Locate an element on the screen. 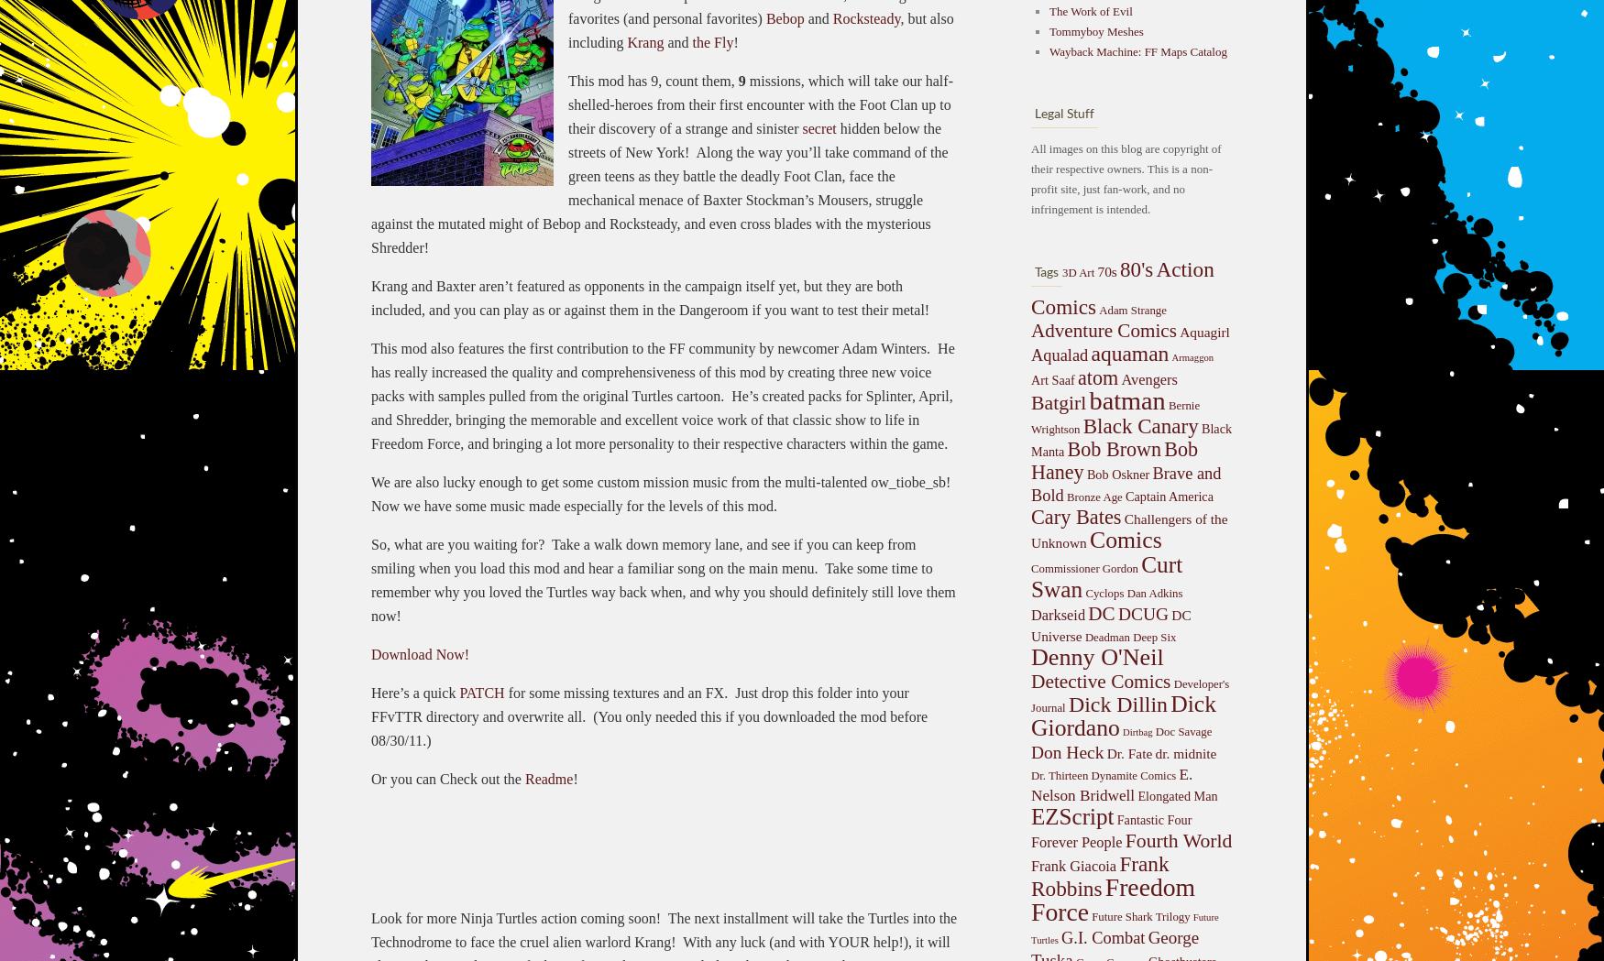  'Fantastic Four' is located at coordinates (1116, 819).